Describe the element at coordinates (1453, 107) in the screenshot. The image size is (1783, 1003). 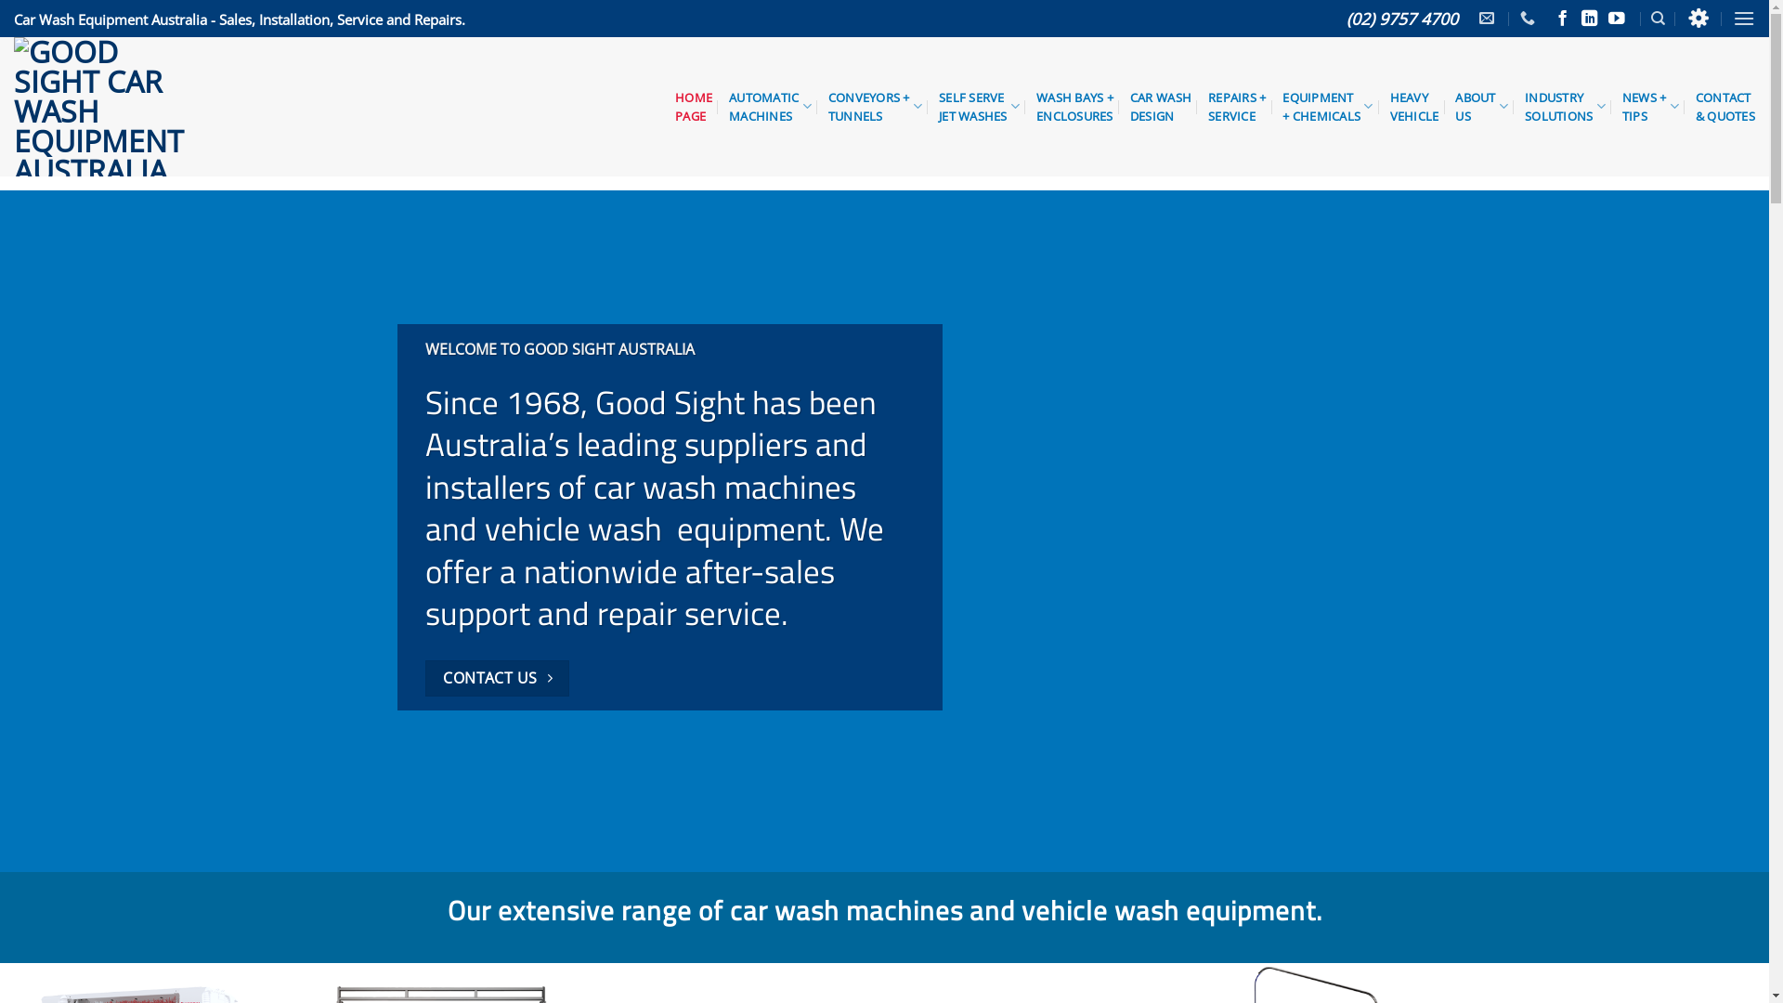
I see `'ABOUT` at that location.